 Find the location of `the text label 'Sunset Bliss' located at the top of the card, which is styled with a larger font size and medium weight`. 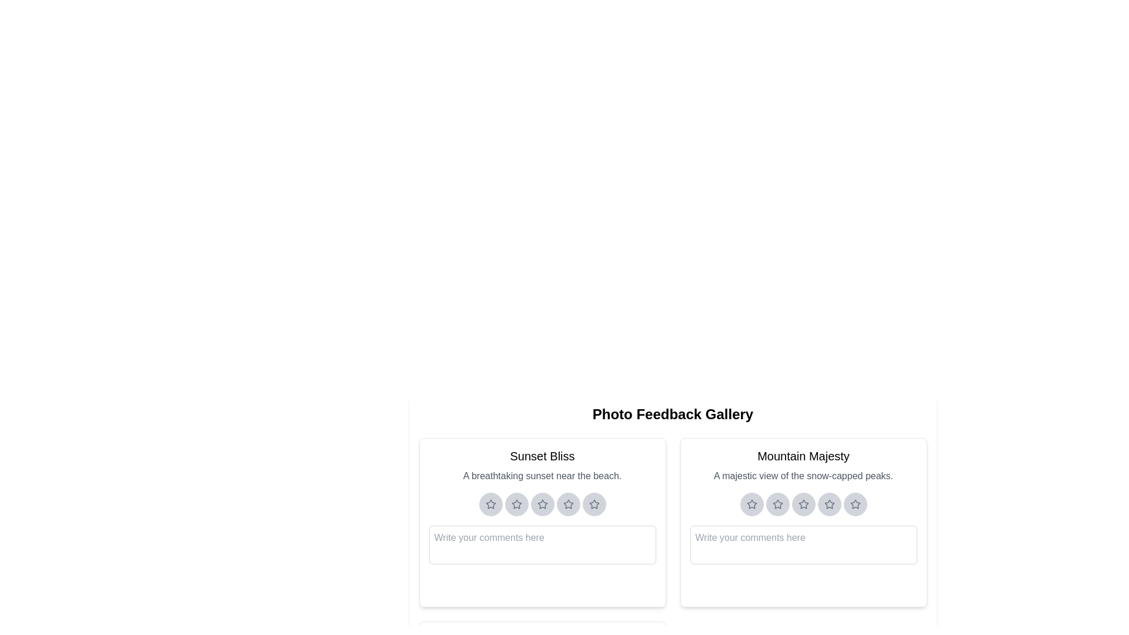

the text label 'Sunset Bliss' located at the top of the card, which is styled with a larger font size and medium weight is located at coordinates (542, 455).